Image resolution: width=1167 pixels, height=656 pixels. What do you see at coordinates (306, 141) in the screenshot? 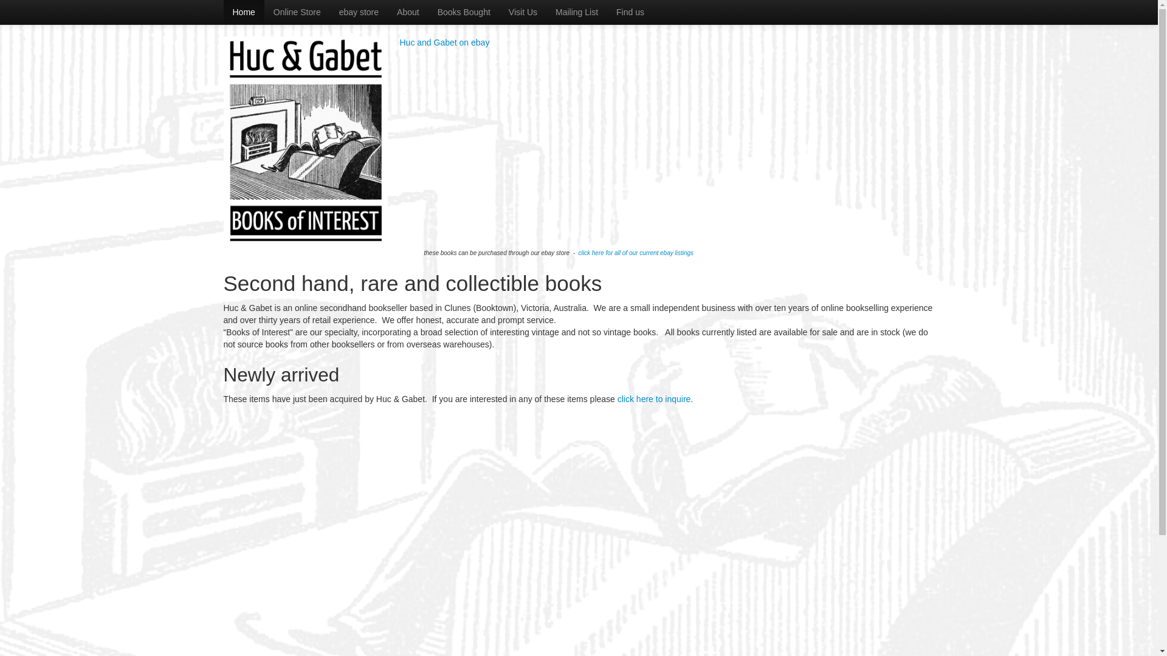
I see `'Huc & Gabet - Books of Interest'` at bounding box center [306, 141].